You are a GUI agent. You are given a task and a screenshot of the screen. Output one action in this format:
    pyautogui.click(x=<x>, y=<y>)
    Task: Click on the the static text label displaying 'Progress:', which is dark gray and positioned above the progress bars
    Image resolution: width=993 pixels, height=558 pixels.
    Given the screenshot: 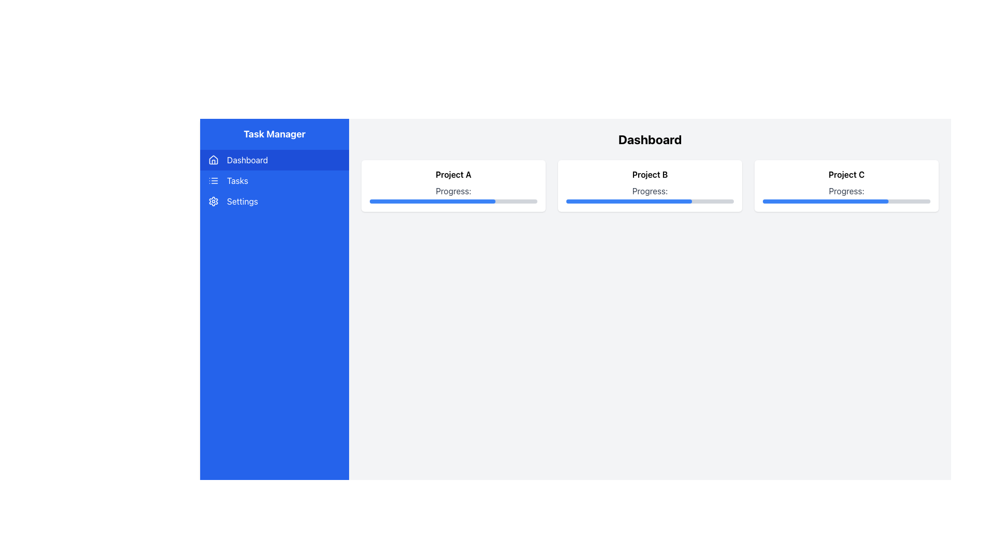 What is the action you would take?
    pyautogui.click(x=454, y=194)
    